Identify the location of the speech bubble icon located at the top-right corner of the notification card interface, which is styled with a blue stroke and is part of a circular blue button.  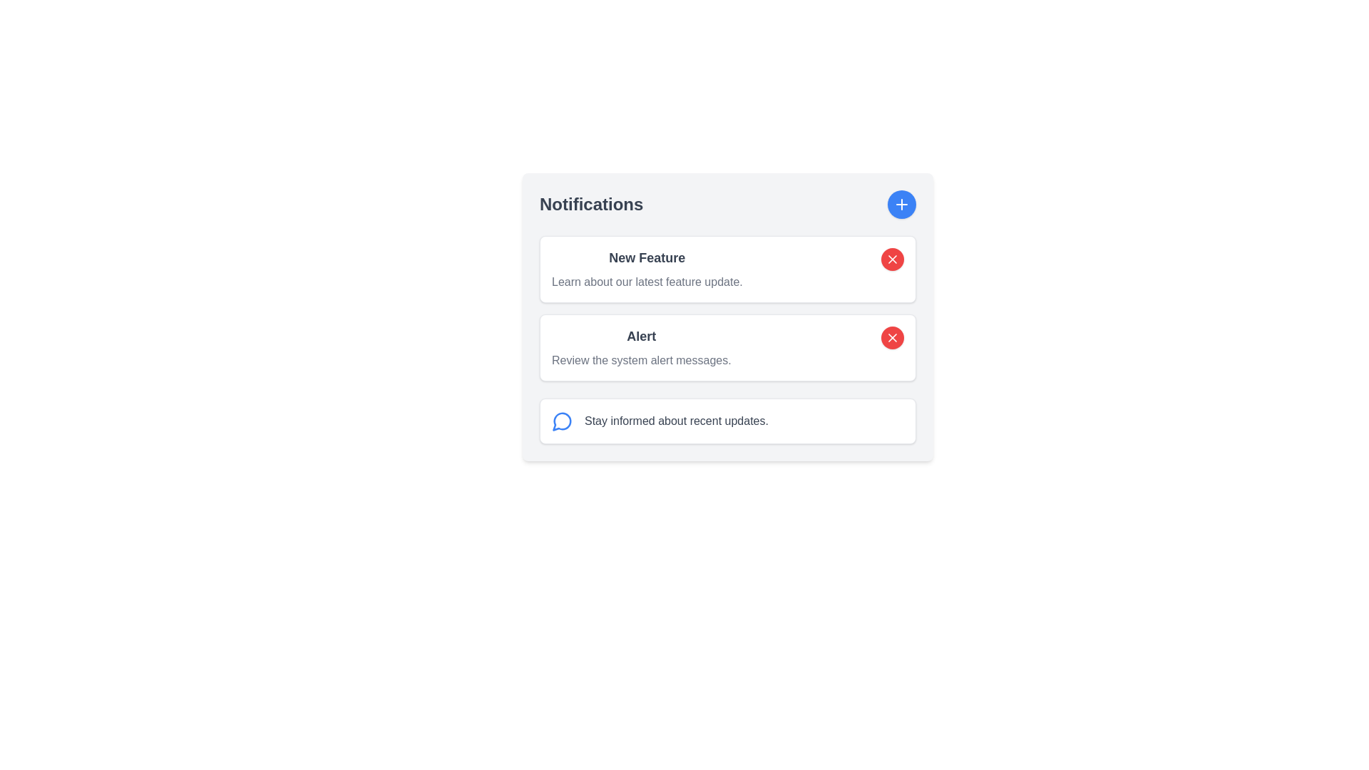
(561, 421).